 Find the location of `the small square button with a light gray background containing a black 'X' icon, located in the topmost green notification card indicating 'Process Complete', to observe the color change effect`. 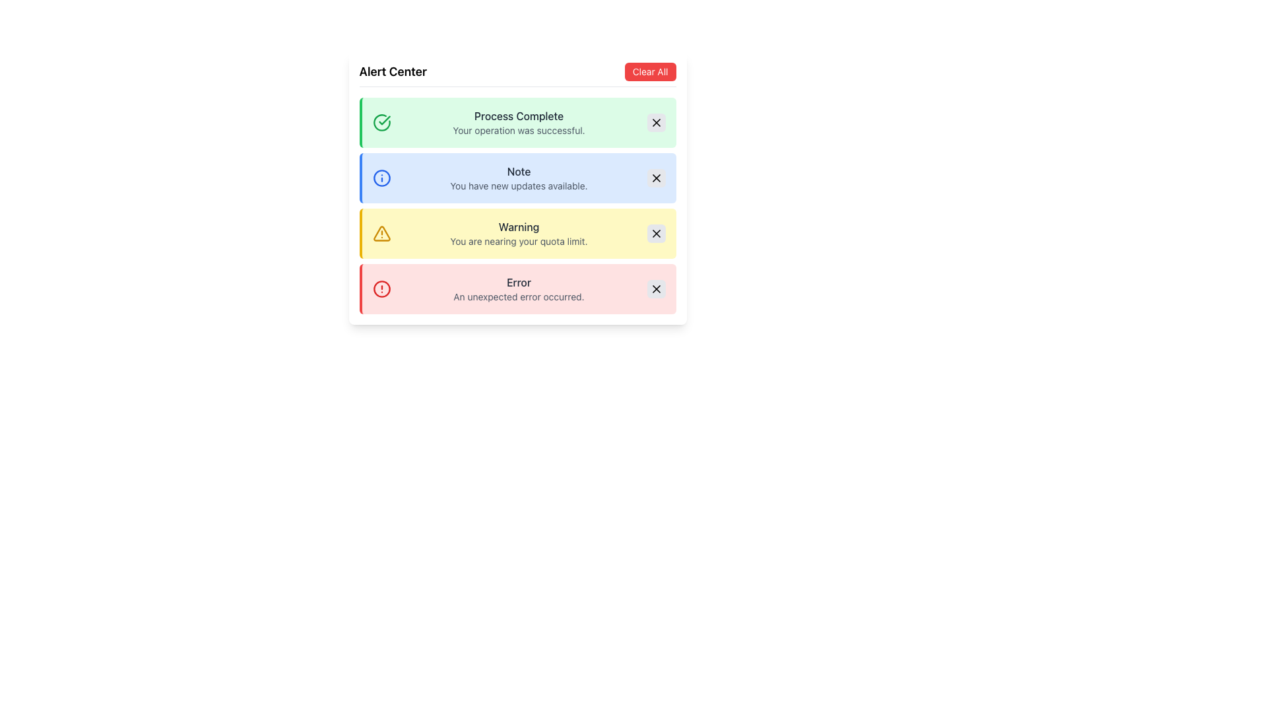

the small square button with a light gray background containing a black 'X' icon, located in the topmost green notification card indicating 'Process Complete', to observe the color change effect is located at coordinates (656, 122).